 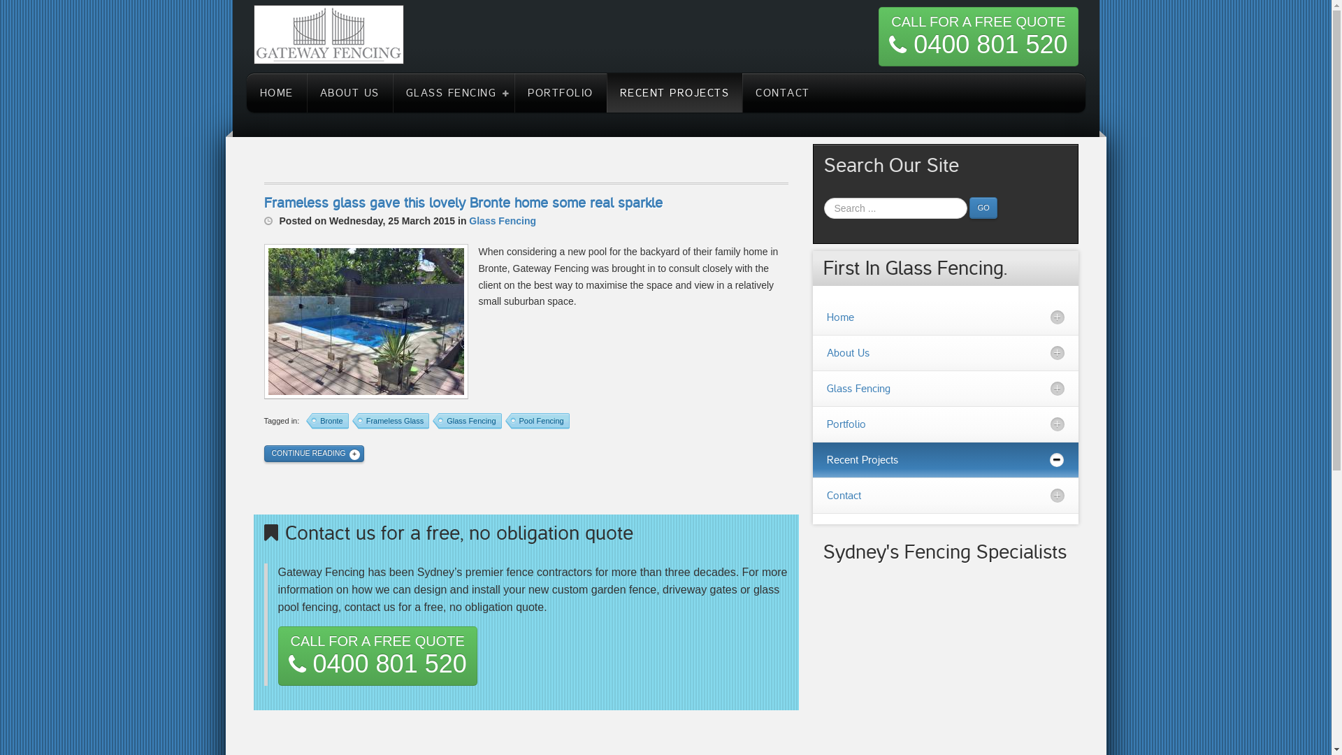 I want to click on 'GO', so click(x=982, y=208).